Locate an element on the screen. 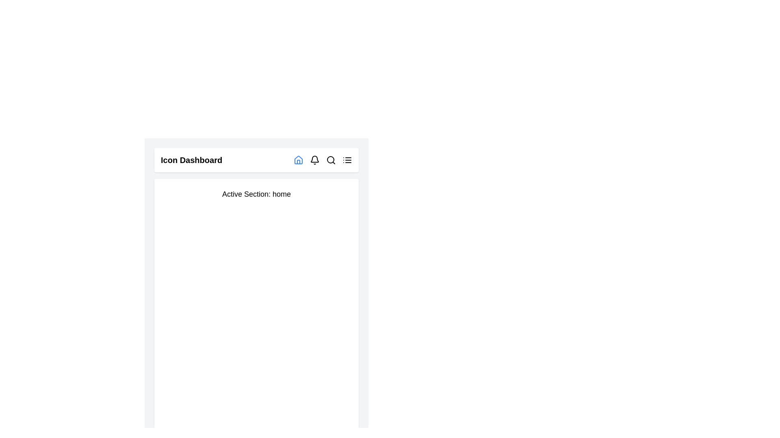 The height and width of the screenshot is (438, 780). the circular lens of the magnifying glass icon in the top navigation bar to initiate search functionality is located at coordinates (331, 159).